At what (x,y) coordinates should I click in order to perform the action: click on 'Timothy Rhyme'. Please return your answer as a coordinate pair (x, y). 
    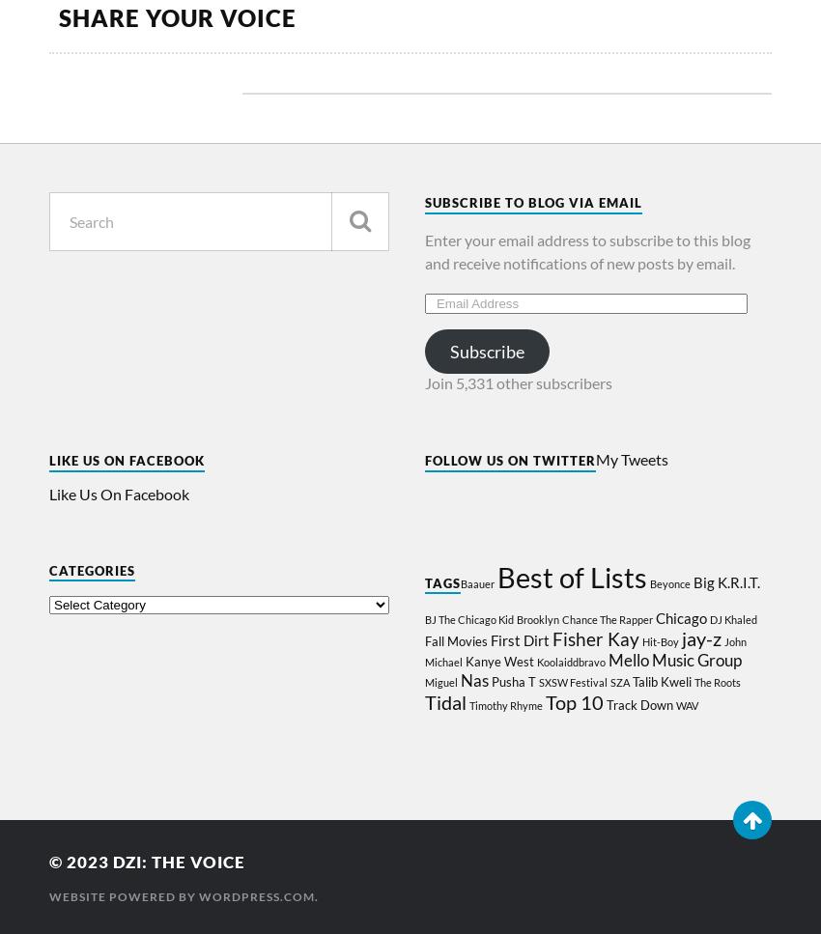
    Looking at the image, I should click on (468, 704).